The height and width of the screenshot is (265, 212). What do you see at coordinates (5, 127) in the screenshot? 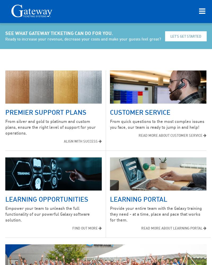
I see `'From silver and gold to platinum and custom plans, ensure the right level of support for your operations.'` at bounding box center [5, 127].